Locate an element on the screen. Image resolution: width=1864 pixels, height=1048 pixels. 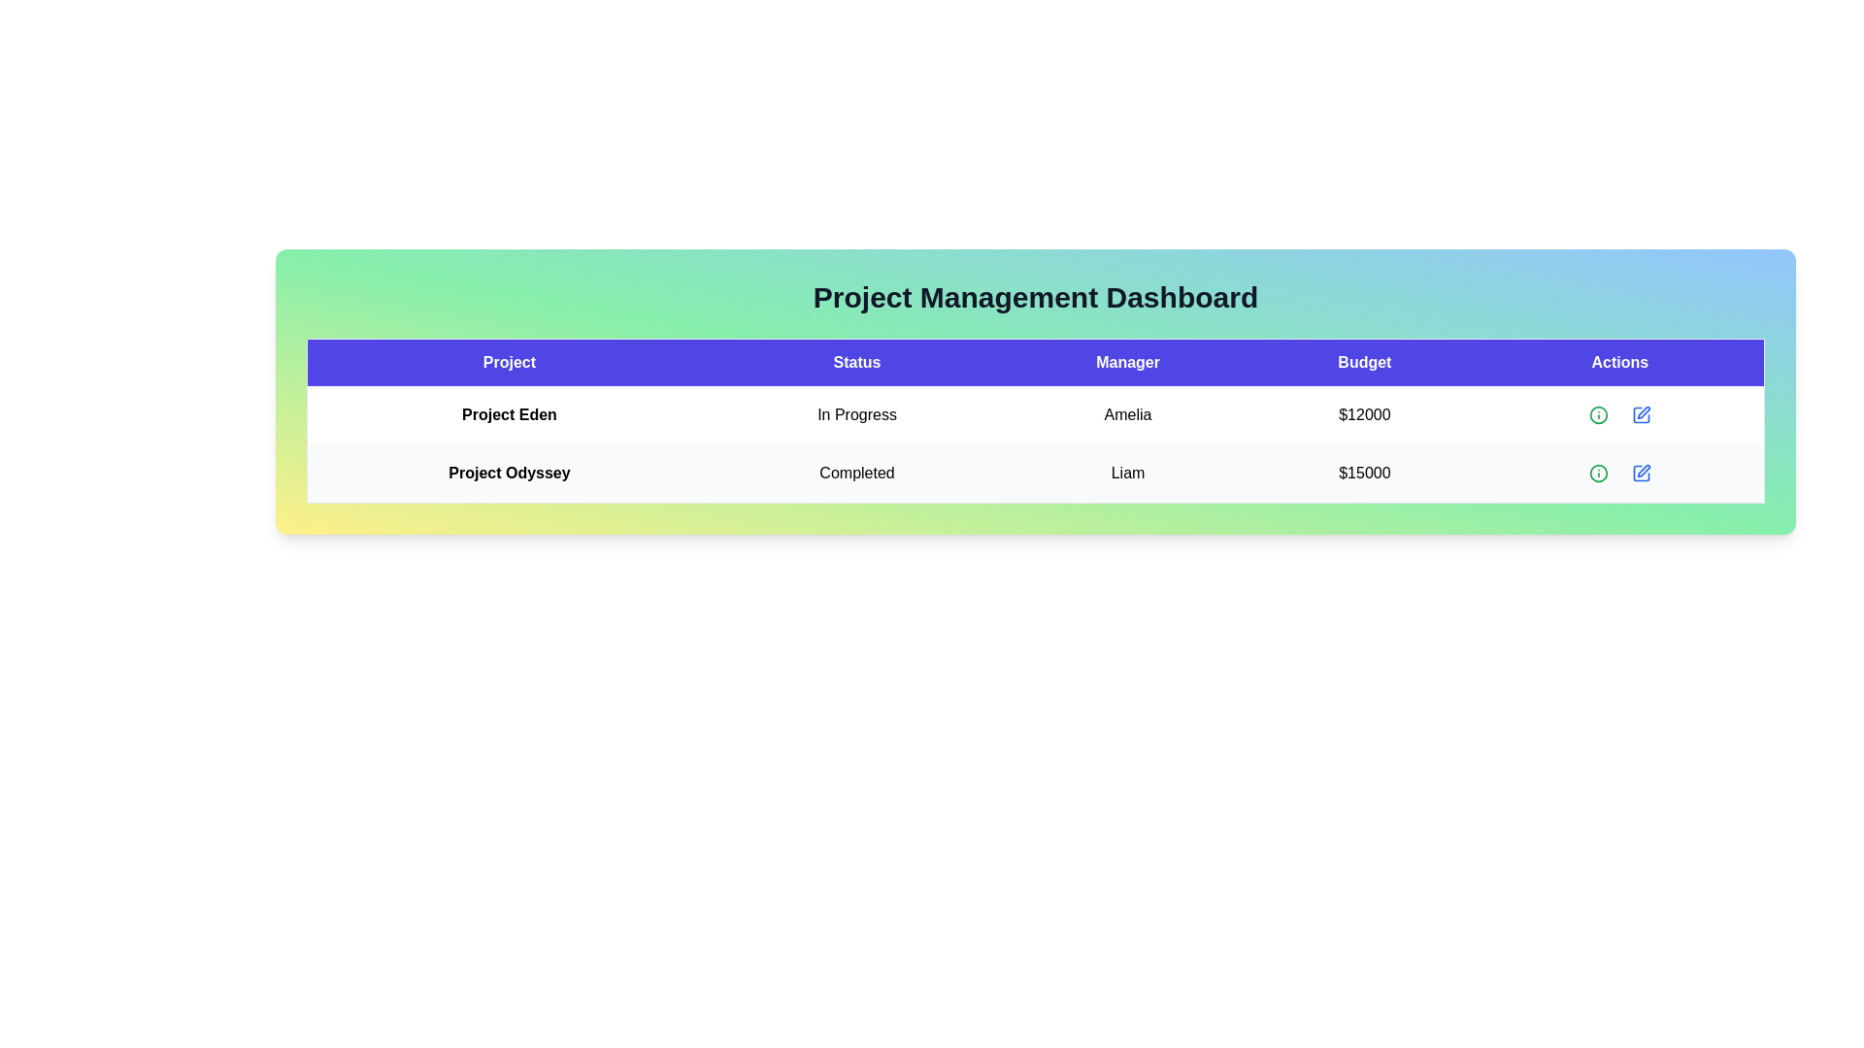
the manager's name text display, which is located in the third column of the second row of the table, adjacent to 'Completed' and '$15000' is located at coordinates (1127, 474).